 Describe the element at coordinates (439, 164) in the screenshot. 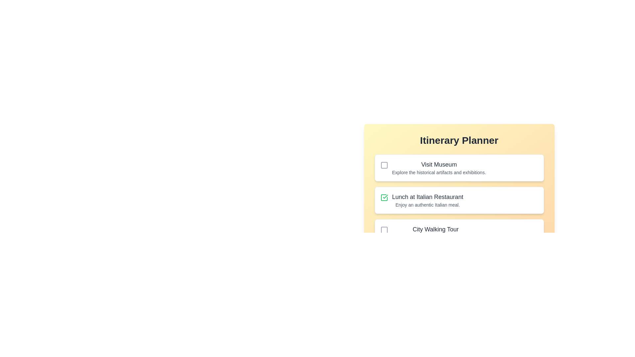

I see `text label indicating the itinerary item 'Visit Museum', which is located at the top of the 'Itinerary Planner' interface and is the first item in a vertical list of options` at that location.